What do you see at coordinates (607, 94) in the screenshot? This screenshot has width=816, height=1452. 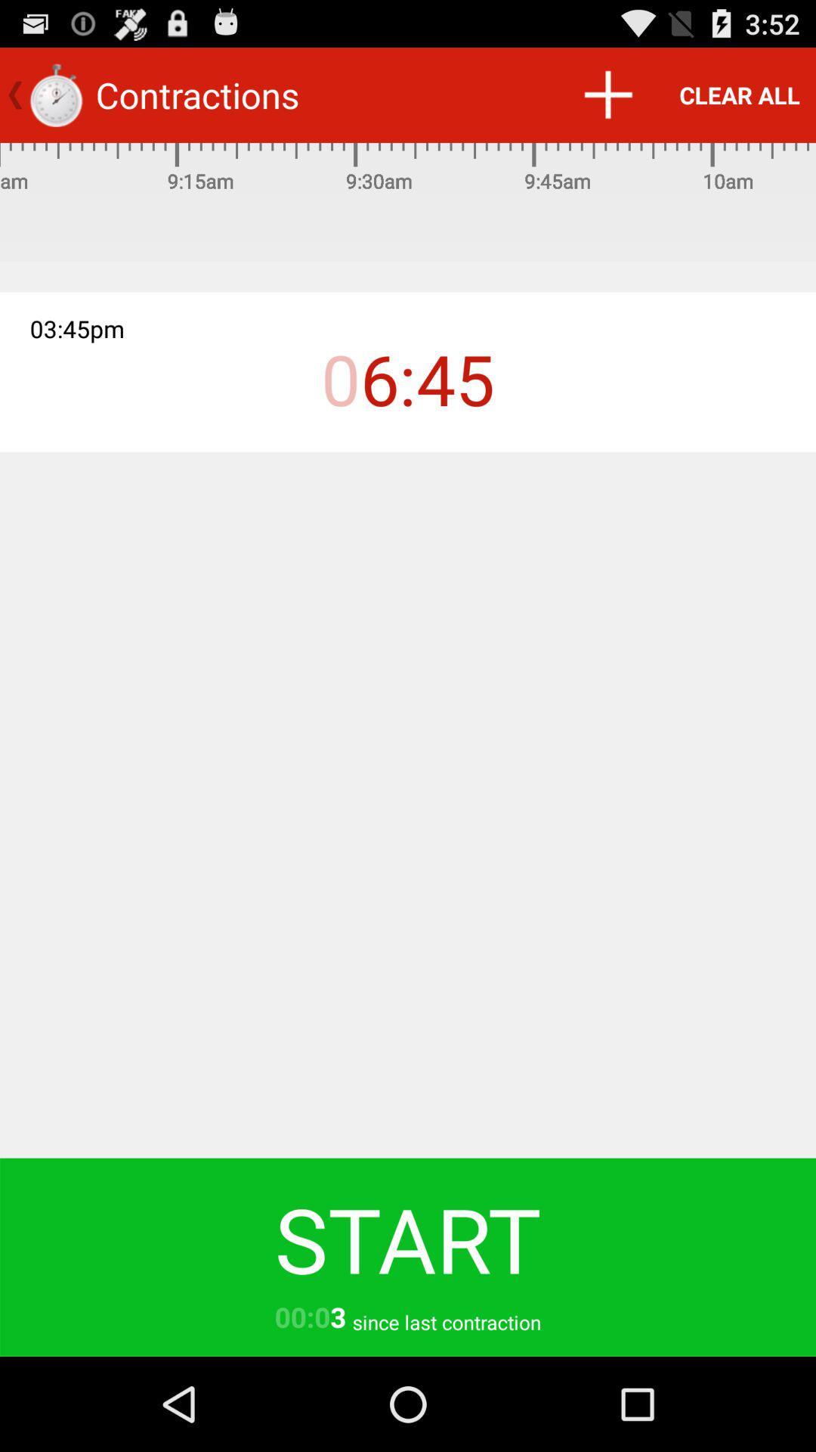 I see `the item next to contractions icon` at bounding box center [607, 94].